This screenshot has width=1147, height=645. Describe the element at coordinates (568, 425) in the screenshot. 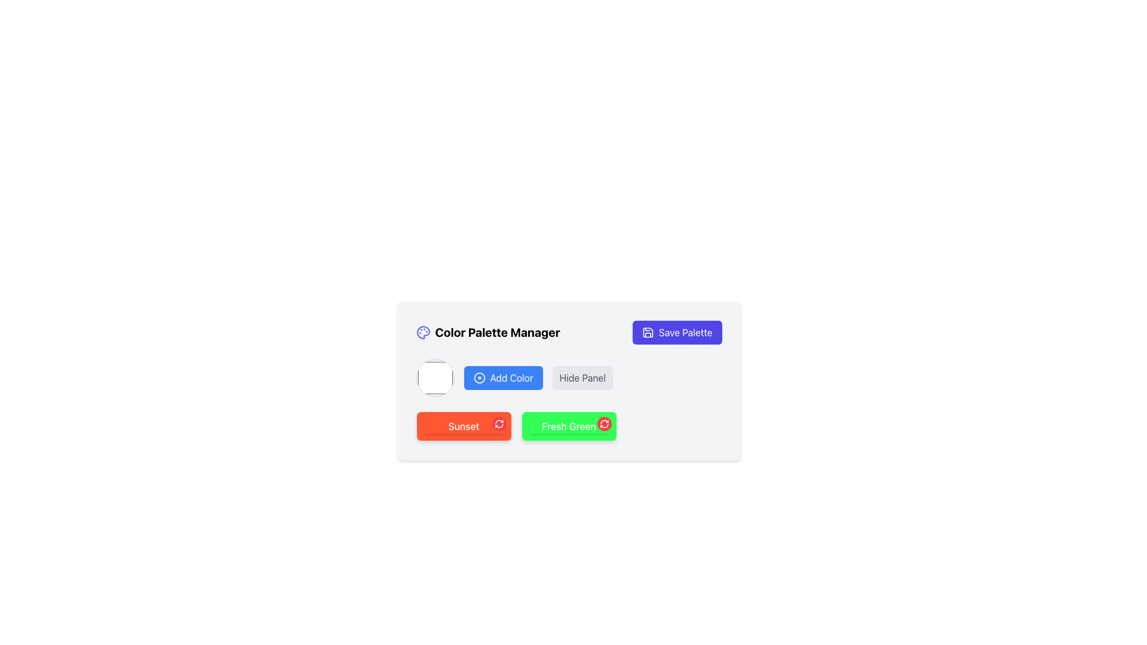

I see `the 'Fresh Green' button with a bright green background and a refresh icon on the right` at that location.